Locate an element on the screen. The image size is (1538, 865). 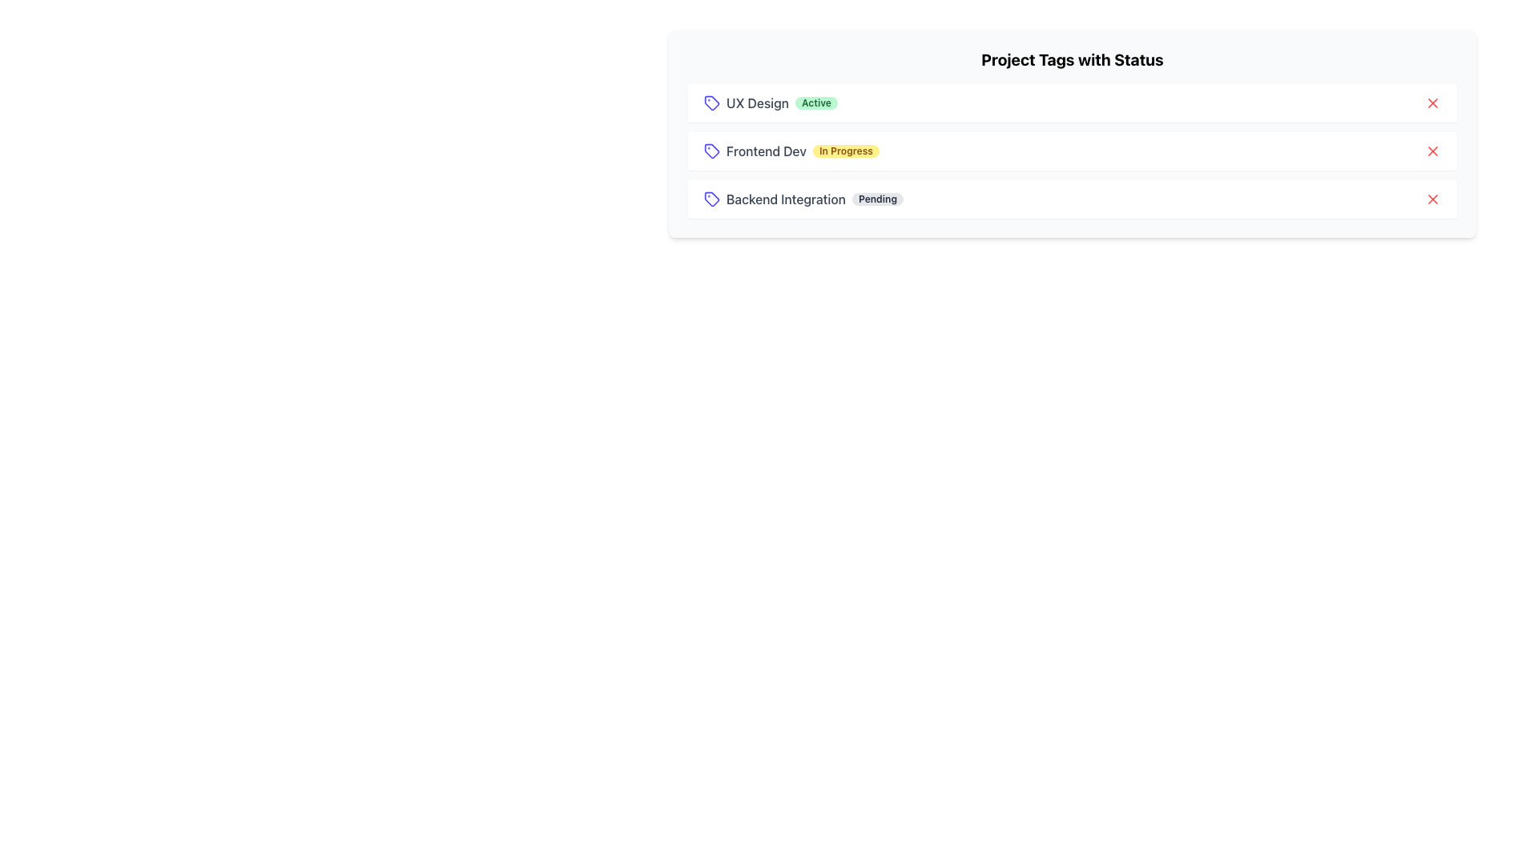
the status badge of the project task labeled 'Backend Integration' which is currently marked as 'Pending' to interact with it is located at coordinates (803, 199).